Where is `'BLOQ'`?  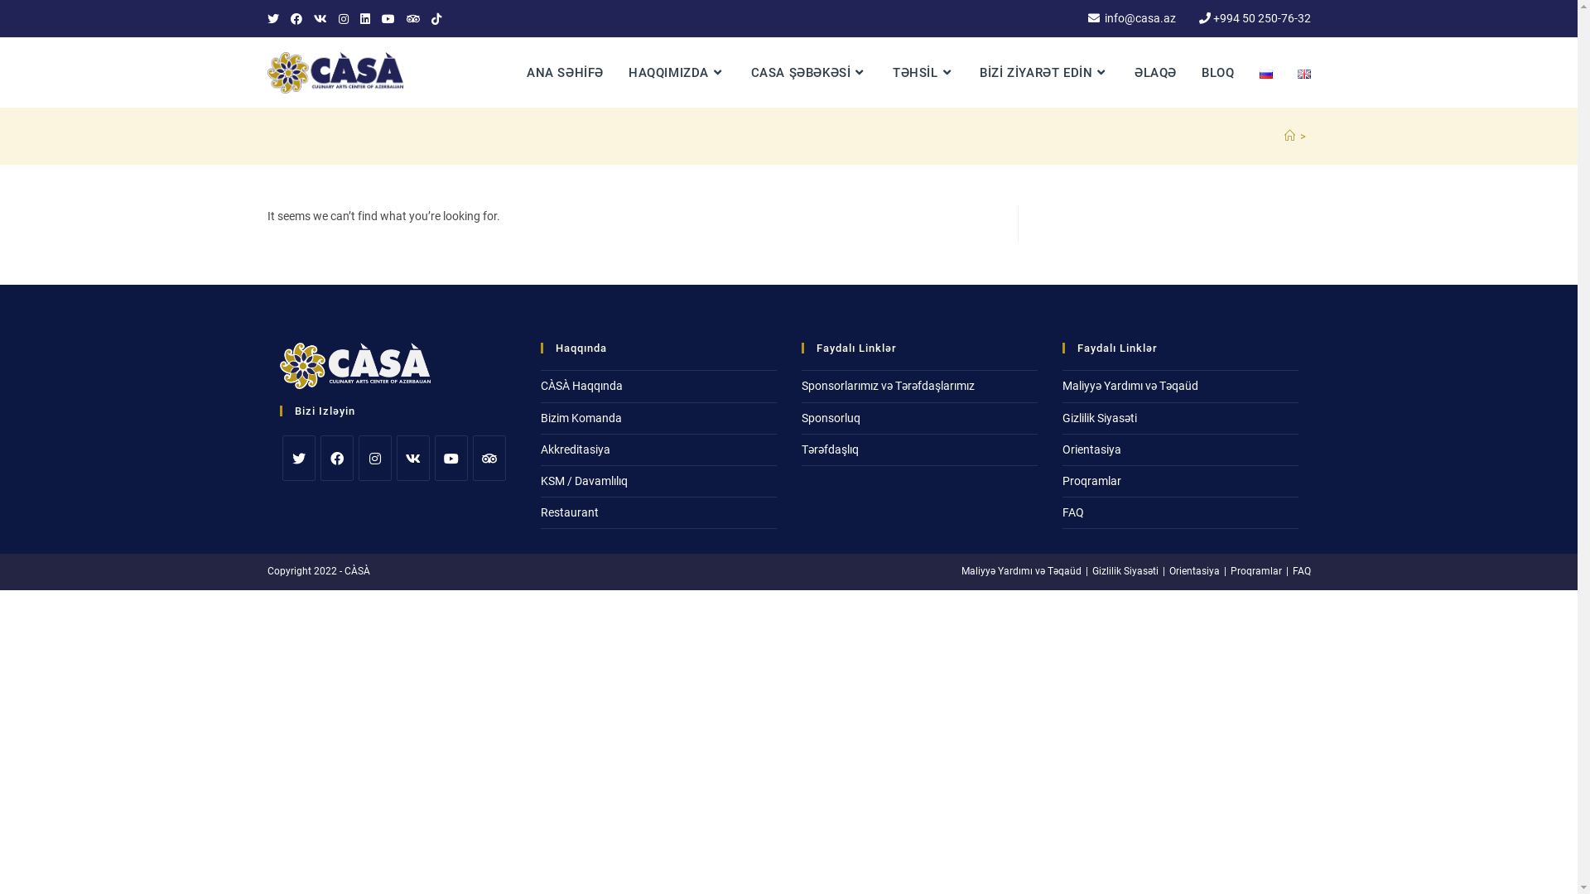 'BLOQ' is located at coordinates (1217, 72).